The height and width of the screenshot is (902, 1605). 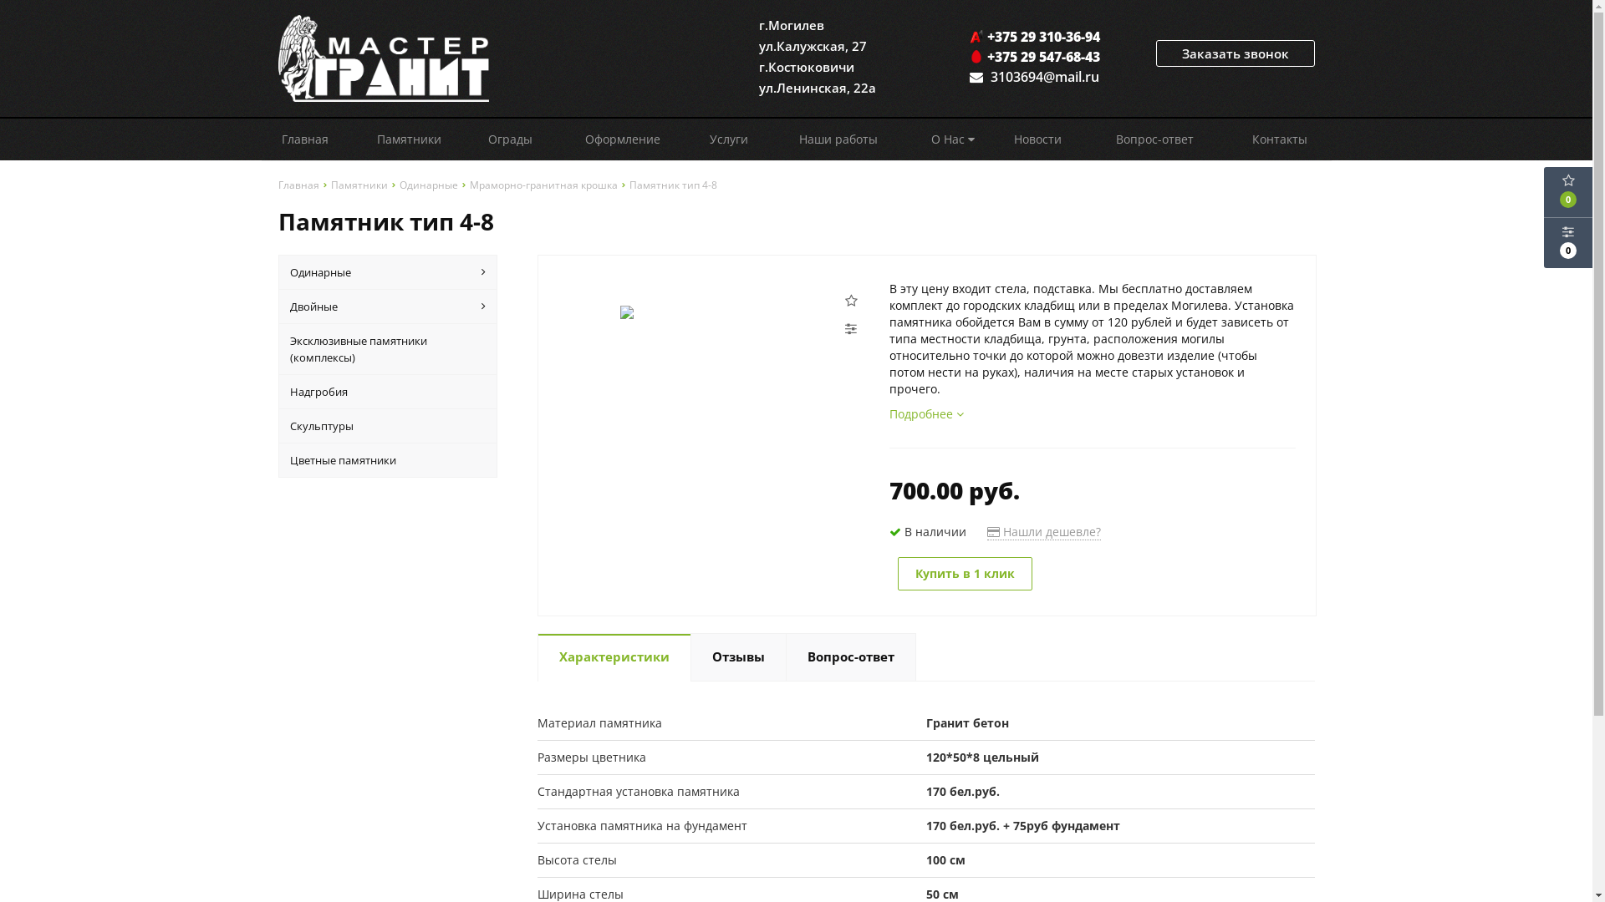 What do you see at coordinates (1567, 242) in the screenshot?
I see `'0'` at bounding box center [1567, 242].